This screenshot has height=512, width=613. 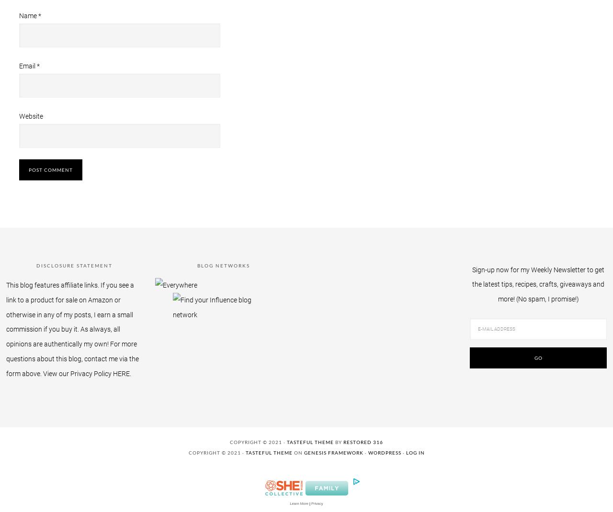 What do you see at coordinates (363, 442) in the screenshot?
I see `'Restored 316'` at bounding box center [363, 442].